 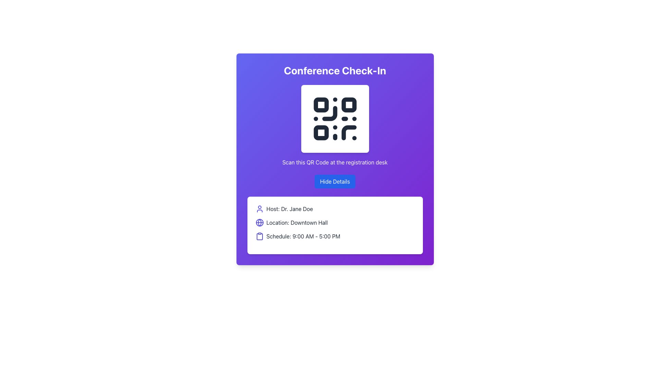 What do you see at coordinates (259, 208) in the screenshot?
I see `the first SVG icon representing the 'Host' section, located to the left of the text 'Host: Dr. Jane Doe'` at bounding box center [259, 208].